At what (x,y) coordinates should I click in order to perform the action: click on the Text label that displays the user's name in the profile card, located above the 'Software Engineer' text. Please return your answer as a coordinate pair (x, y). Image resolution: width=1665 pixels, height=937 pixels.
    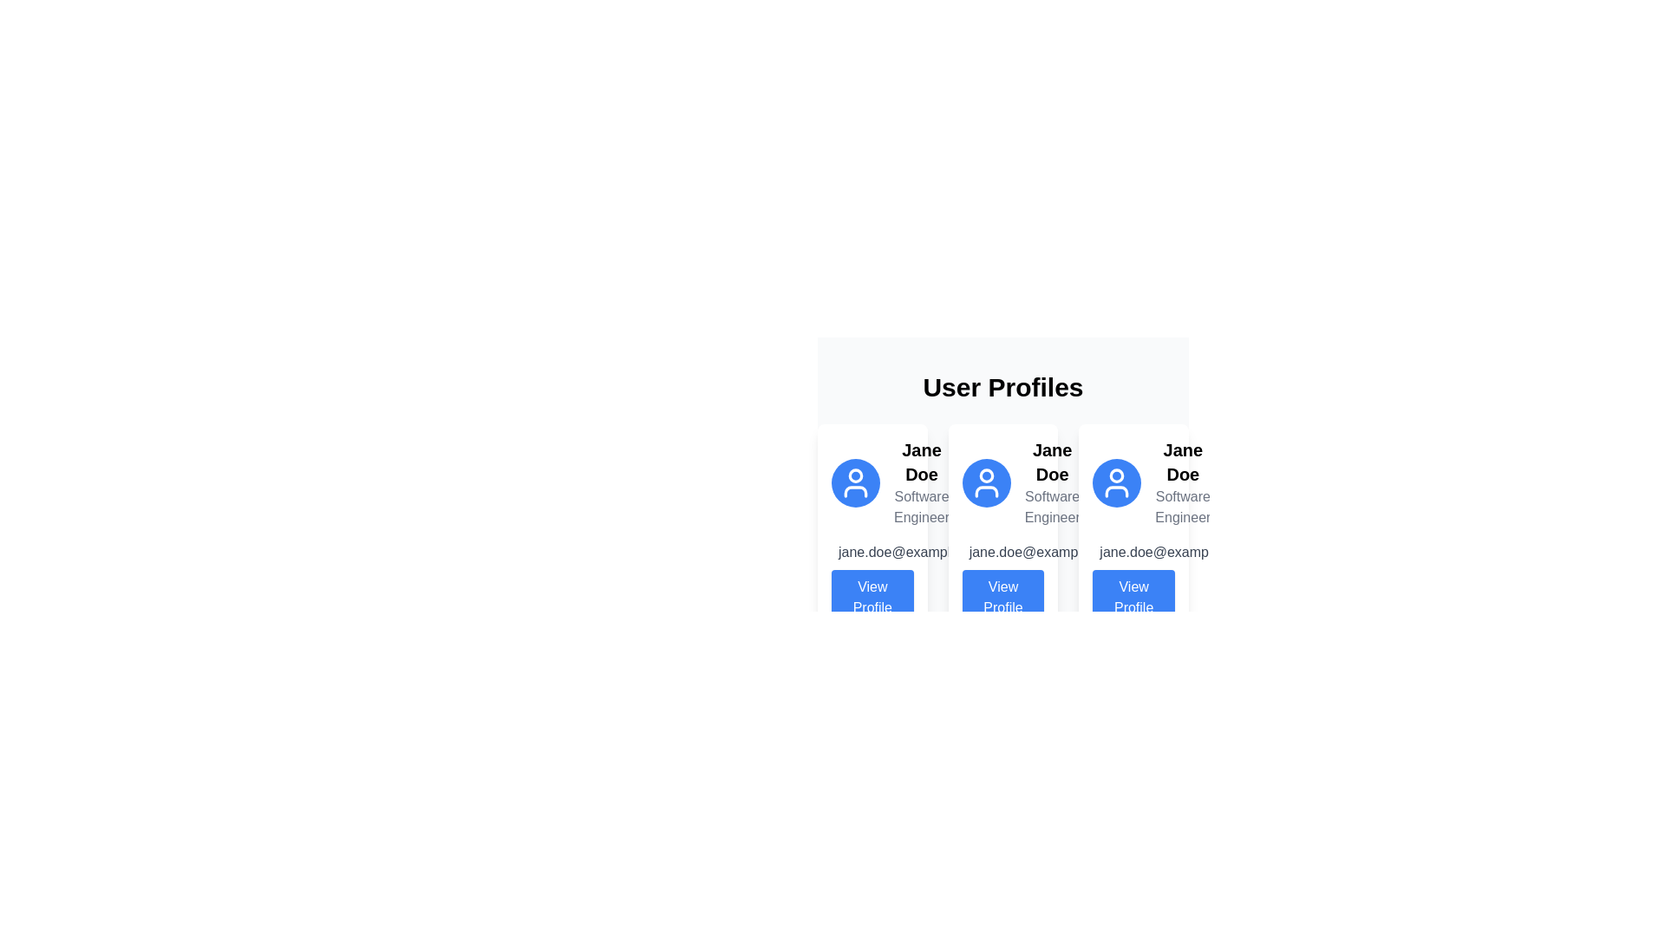
    Looking at the image, I should click on (1051, 461).